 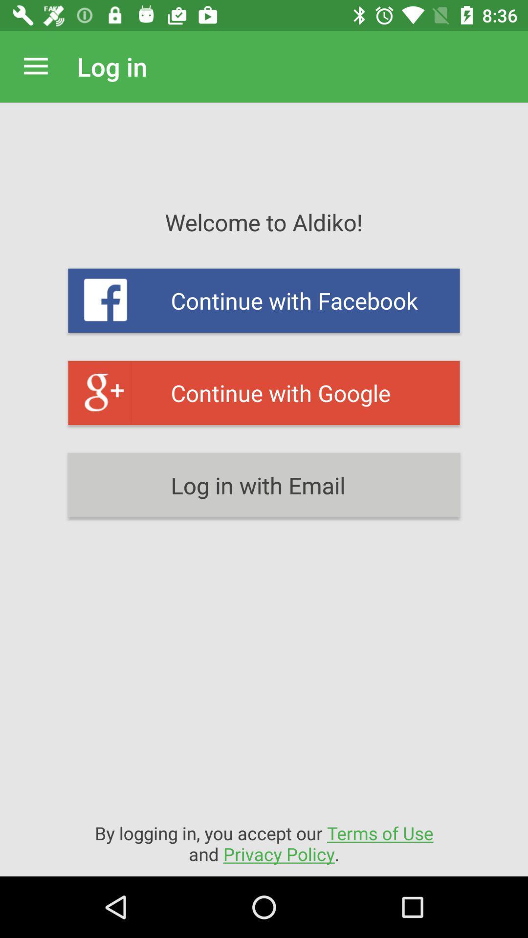 I want to click on icon to the left of log in item, so click(x=35, y=66).